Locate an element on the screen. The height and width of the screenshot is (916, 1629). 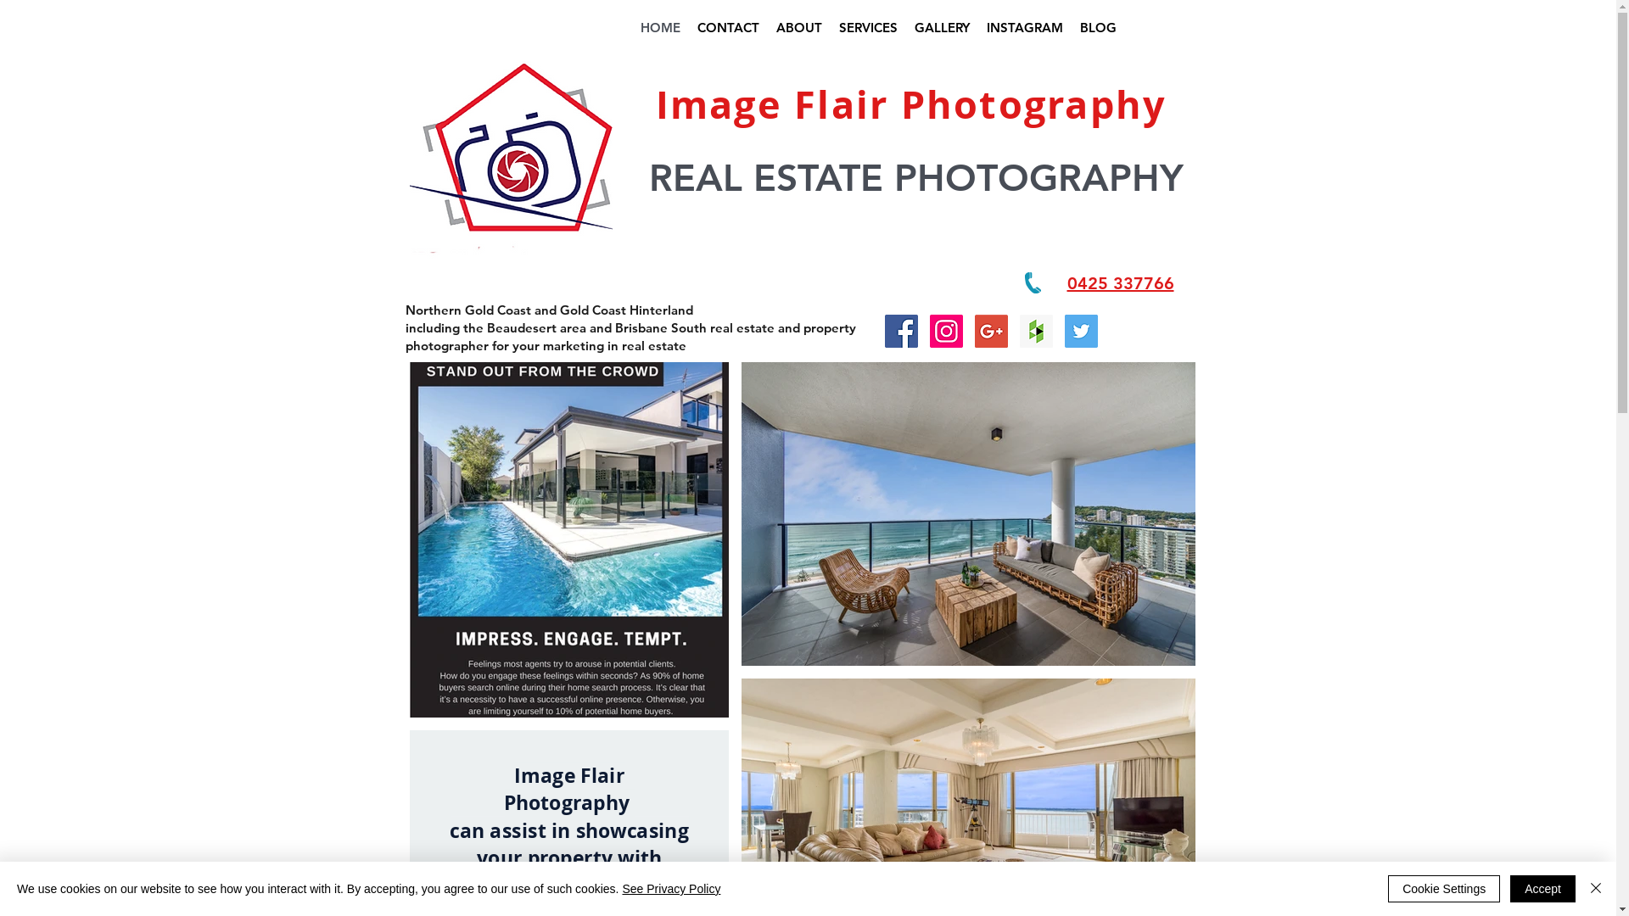
'Cookie Settings' is located at coordinates (1443, 888).